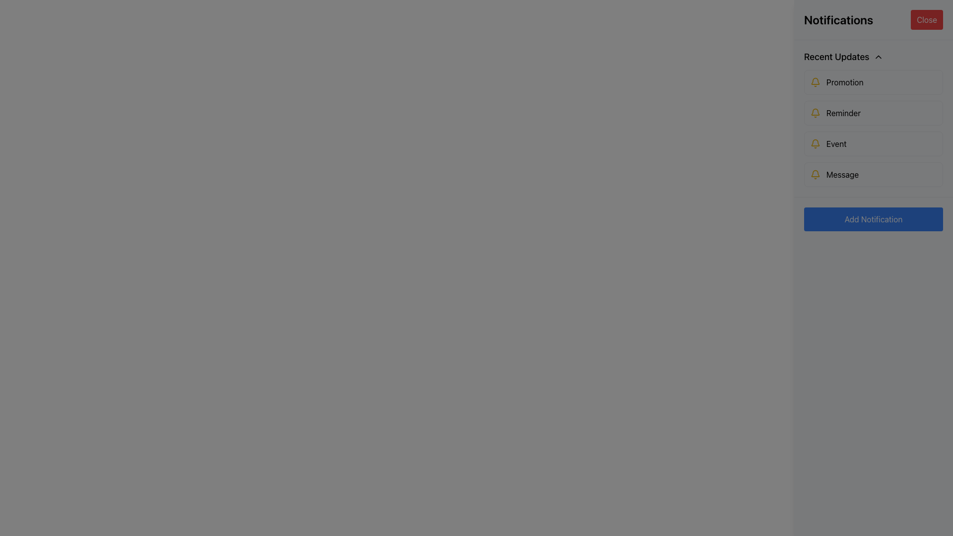  Describe the element at coordinates (878, 57) in the screenshot. I see `the small upward chevron icon located to the right of the text 'Recent Updates' in the header section` at that location.